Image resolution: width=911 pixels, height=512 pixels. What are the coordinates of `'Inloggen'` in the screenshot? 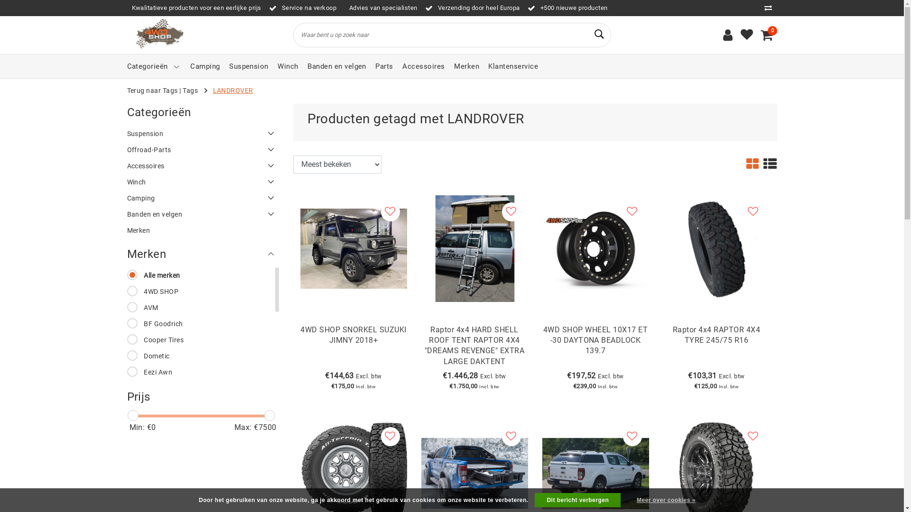 It's located at (727, 34).